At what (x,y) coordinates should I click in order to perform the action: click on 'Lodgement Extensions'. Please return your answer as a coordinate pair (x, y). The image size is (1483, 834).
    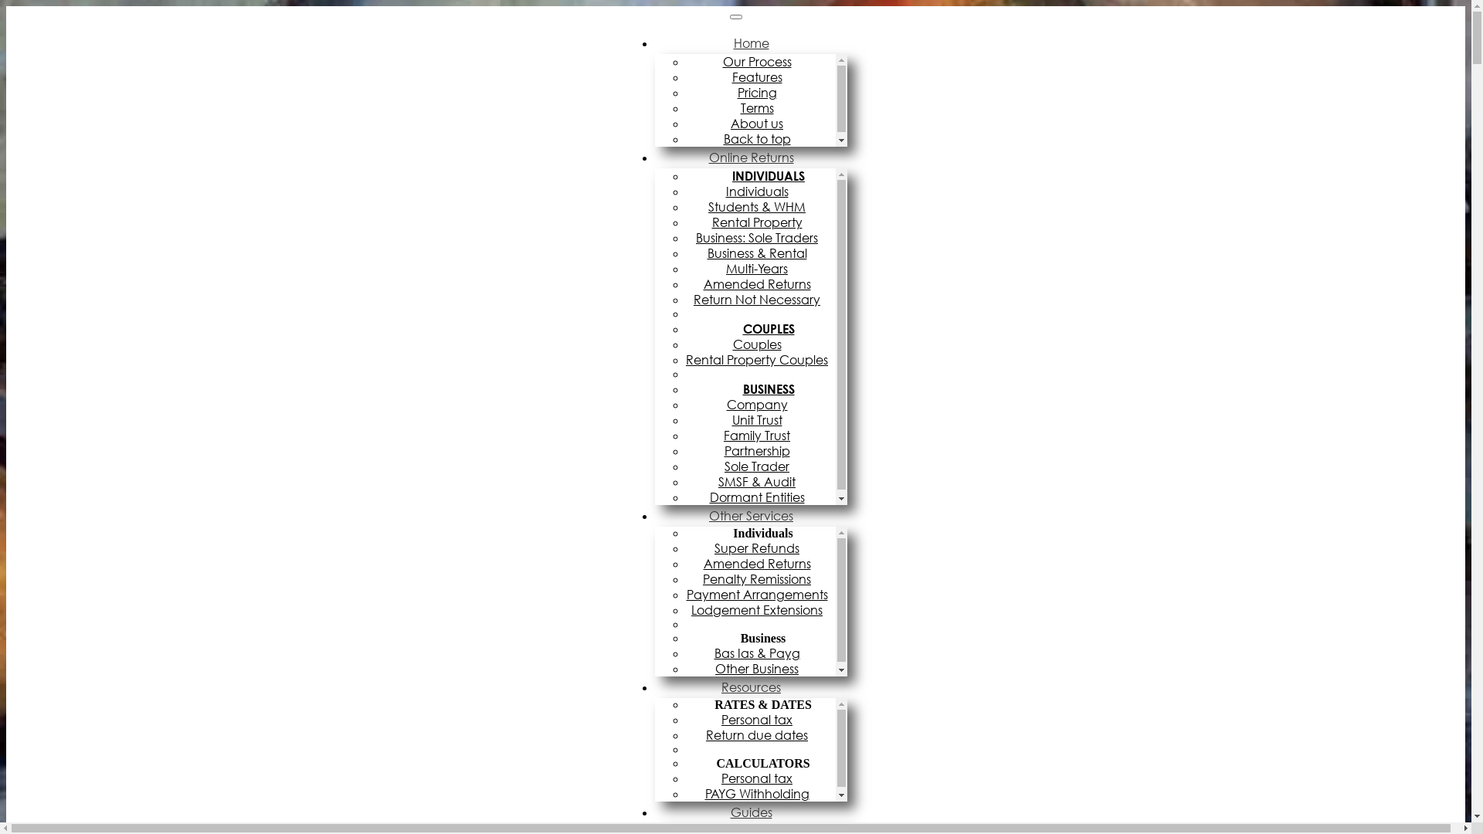
    Looking at the image, I should click on (760, 609).